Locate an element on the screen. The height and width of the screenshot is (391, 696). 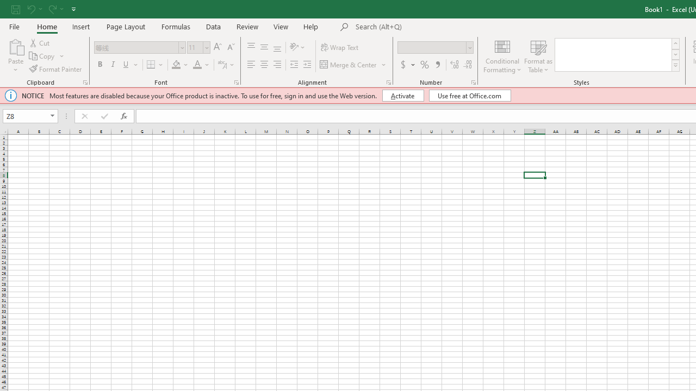
'Redo' is located at coordinates (51, 9).